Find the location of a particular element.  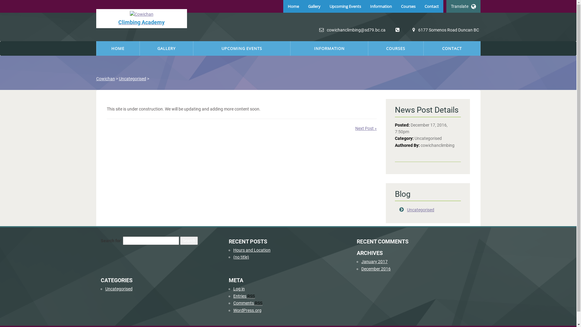

'Information' is located at coordinates (380, 6).